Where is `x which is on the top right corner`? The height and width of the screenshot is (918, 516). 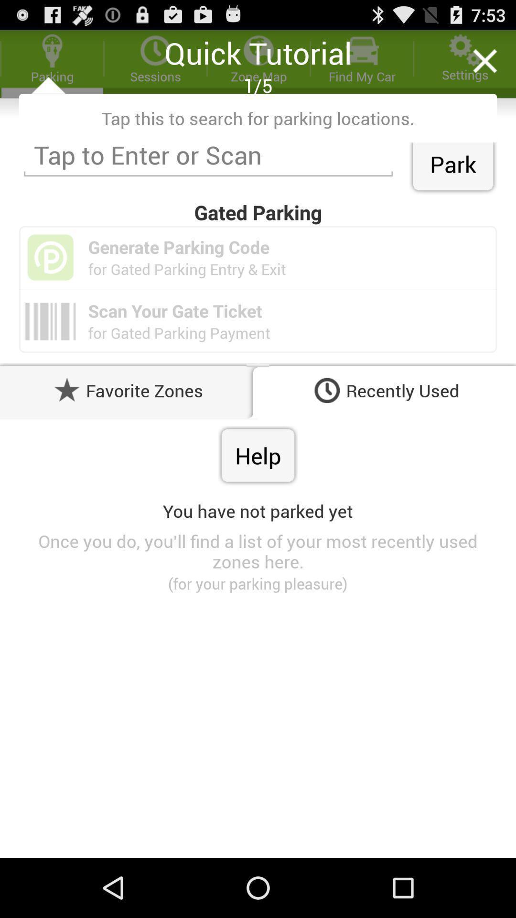
x which is on the top right corner is located at coordinates (484, 61).